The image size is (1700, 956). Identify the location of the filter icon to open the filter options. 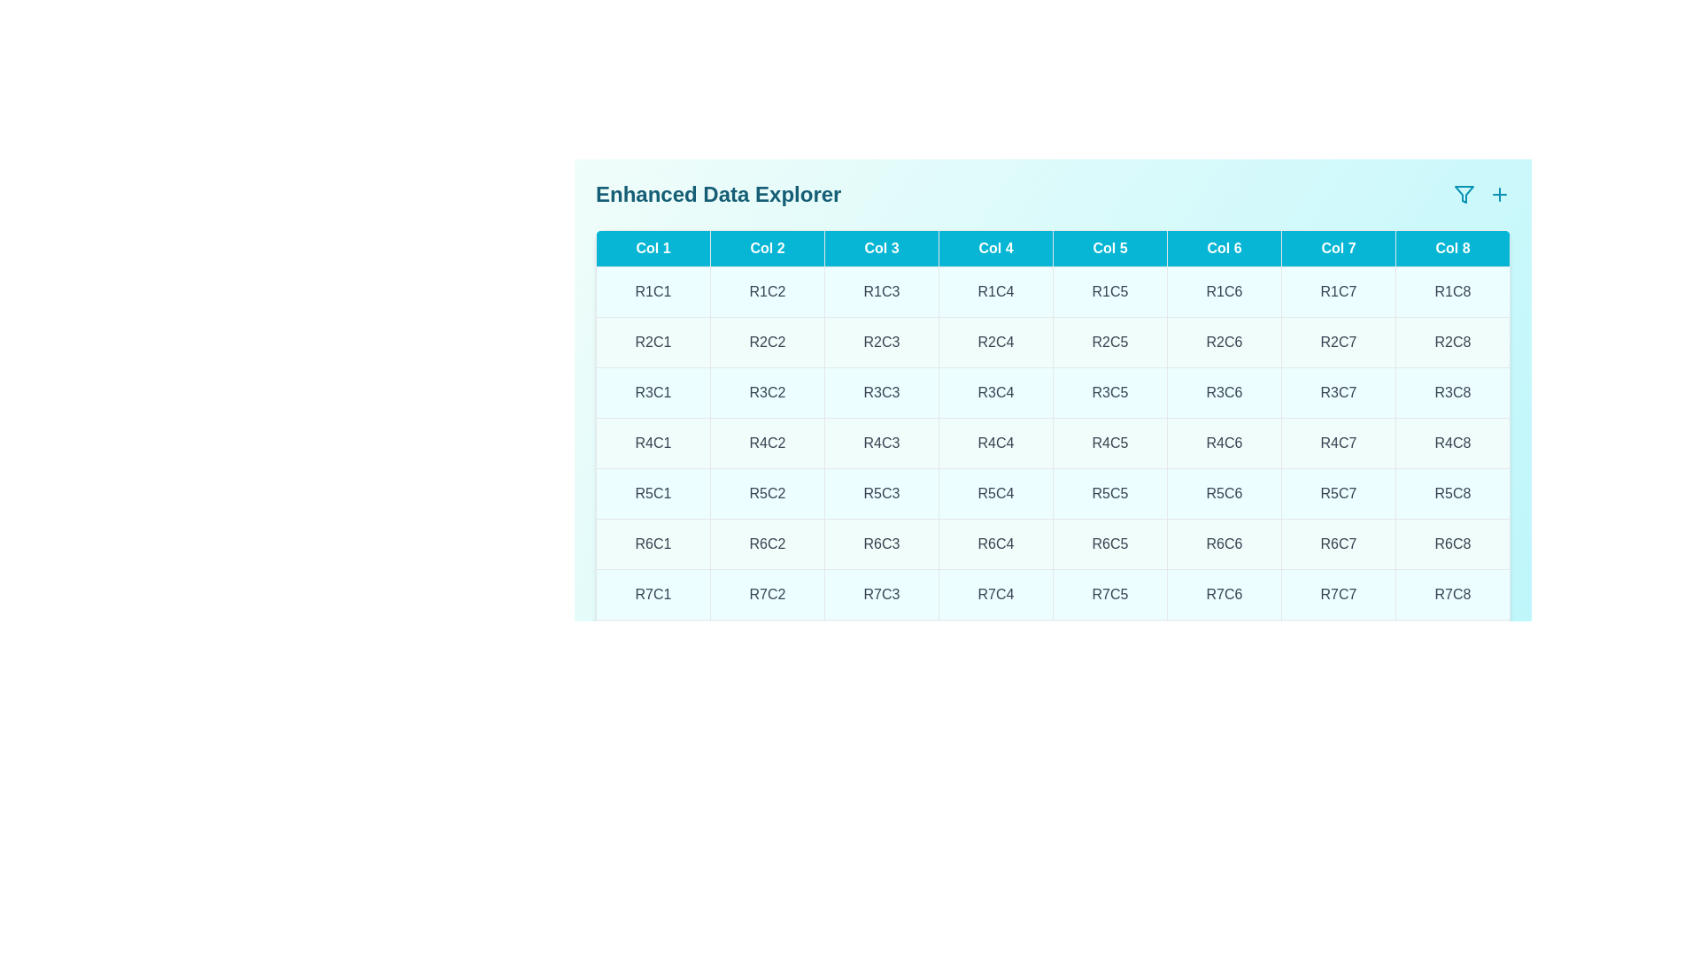
(1464, 194).